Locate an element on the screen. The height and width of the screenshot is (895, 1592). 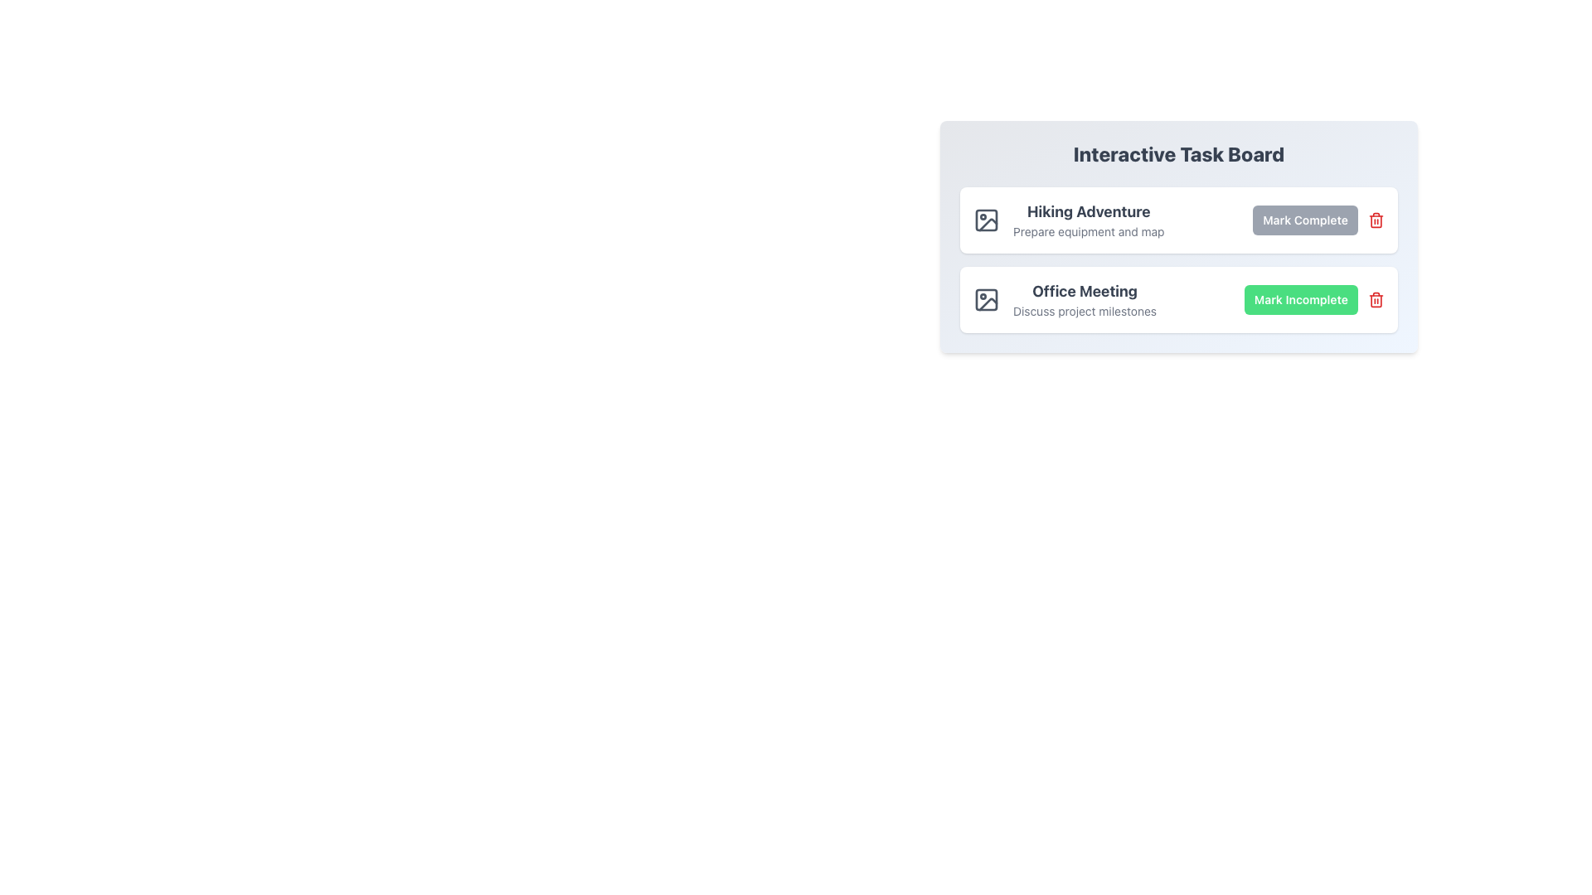
the delete button (trash icon) located at the far right of the second row of the list is located at coordinates (1376, 300).